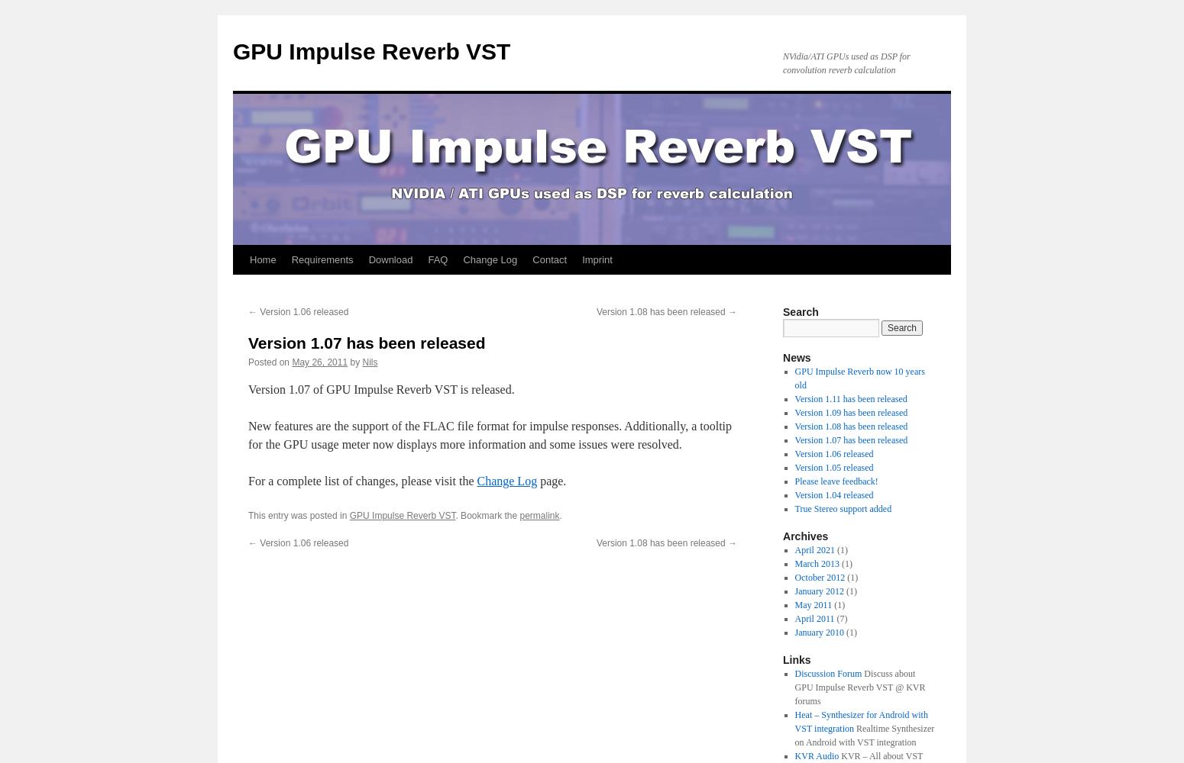 This screenshot has width=1184, height=763. What do you see at coordinates (794, 549) in the screenshot?
I see `'April 2021'` at bounding box center [794, 549].